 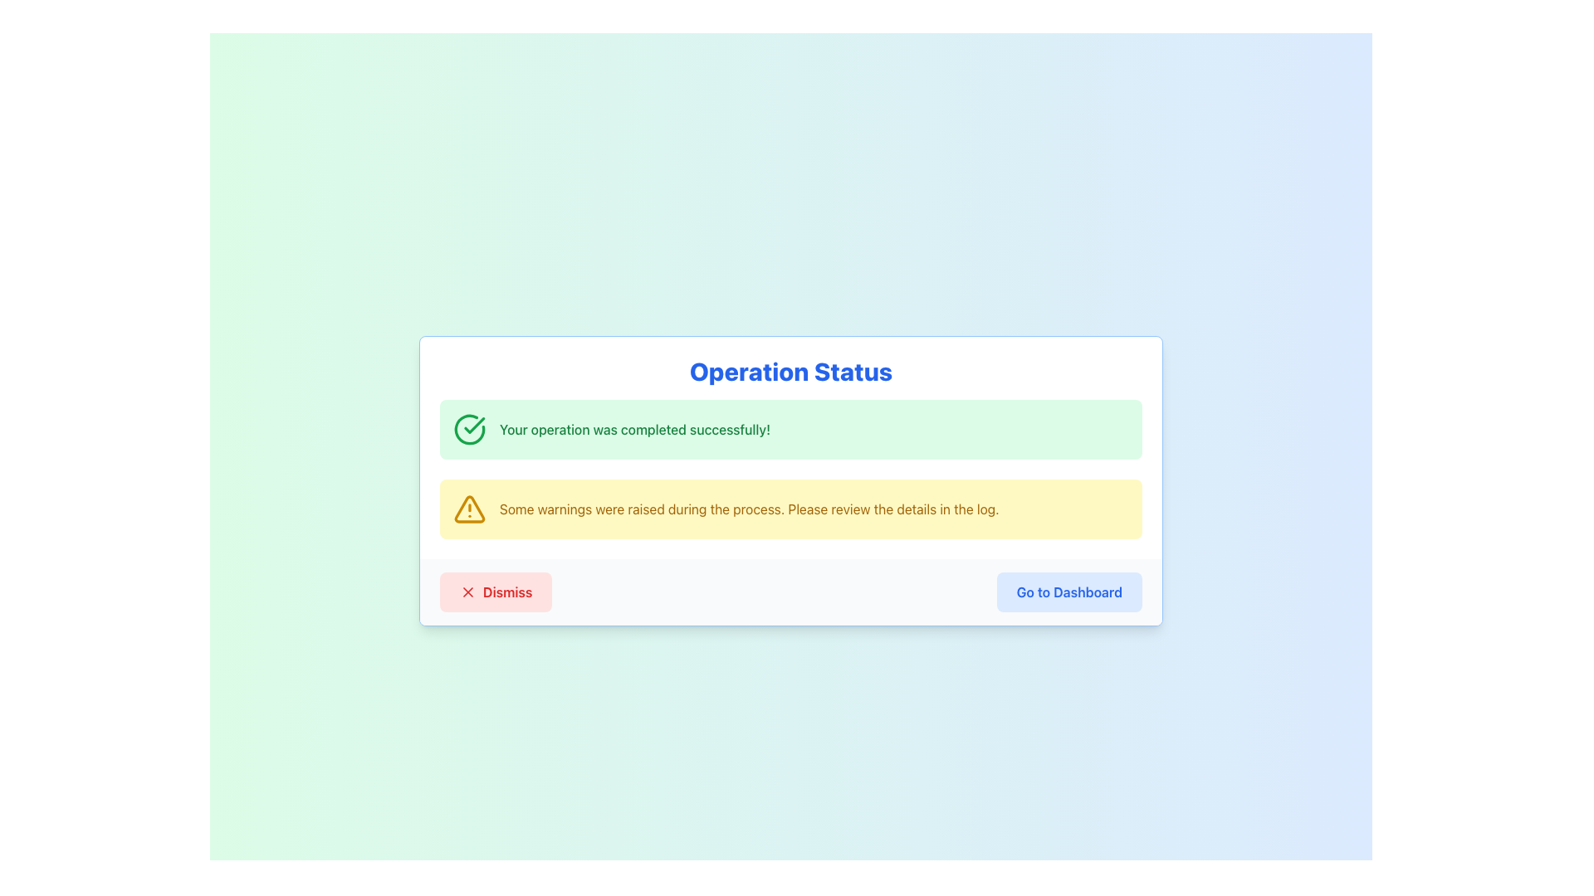 What do you see at coordinates (633, 428) in the screenshot?
I see `success message content displayed in the text area of the confirmation box located under the 'Operation Status' title, which is positioned to the right of a green check icon` at bounding box center [633, 428].